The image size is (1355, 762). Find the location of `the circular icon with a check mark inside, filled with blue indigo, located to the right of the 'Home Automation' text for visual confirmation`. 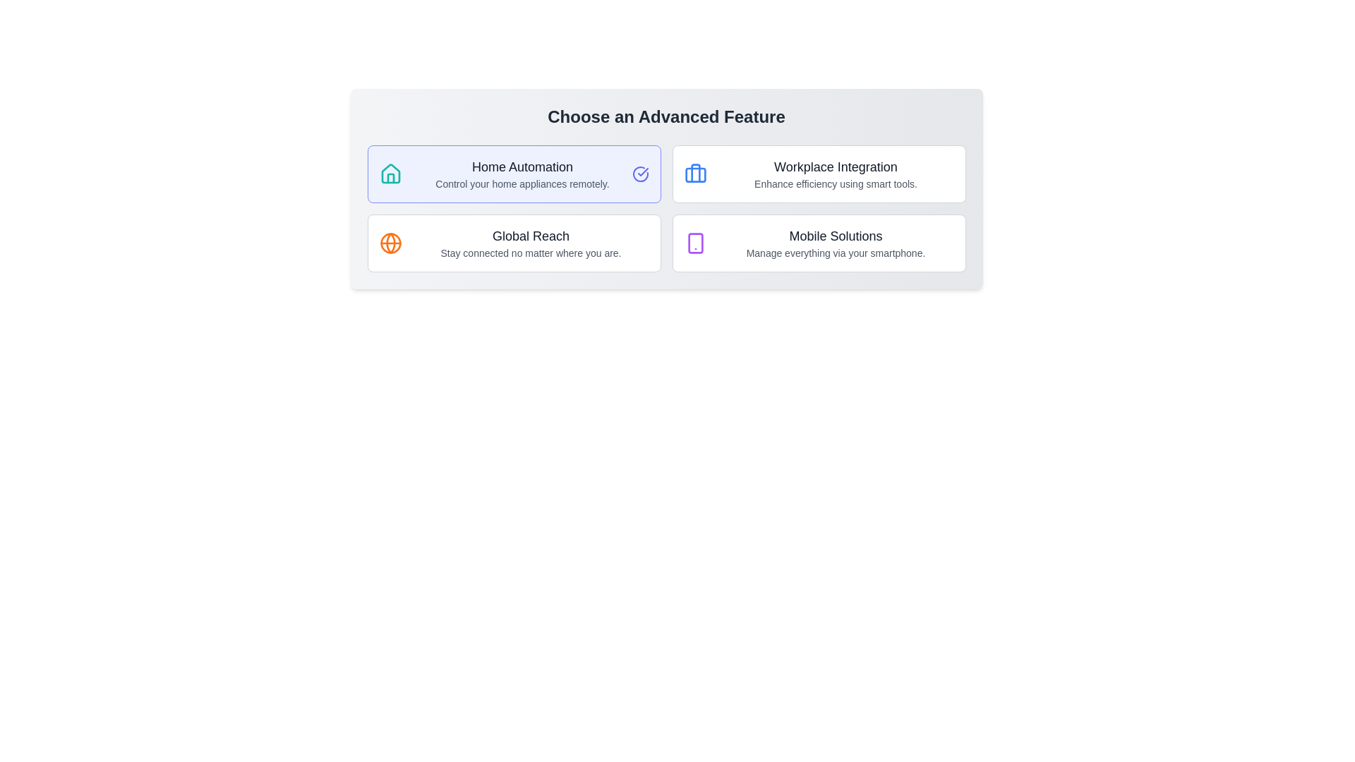

the circular icon with a check mark inside, filled with blue indigo, located to the right of the 'Home Automation' text for visual confirmation is located at coordinates (639, 173).